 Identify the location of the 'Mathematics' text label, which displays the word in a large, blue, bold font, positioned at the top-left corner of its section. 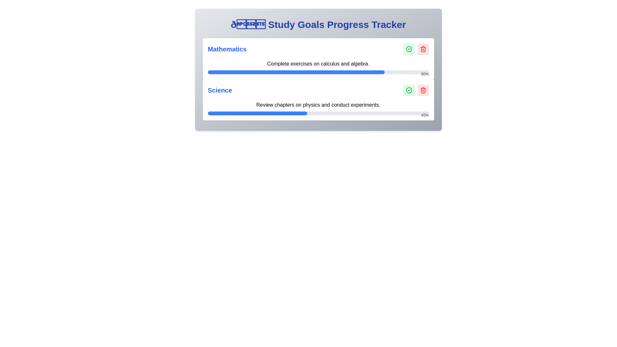
(227, 49).